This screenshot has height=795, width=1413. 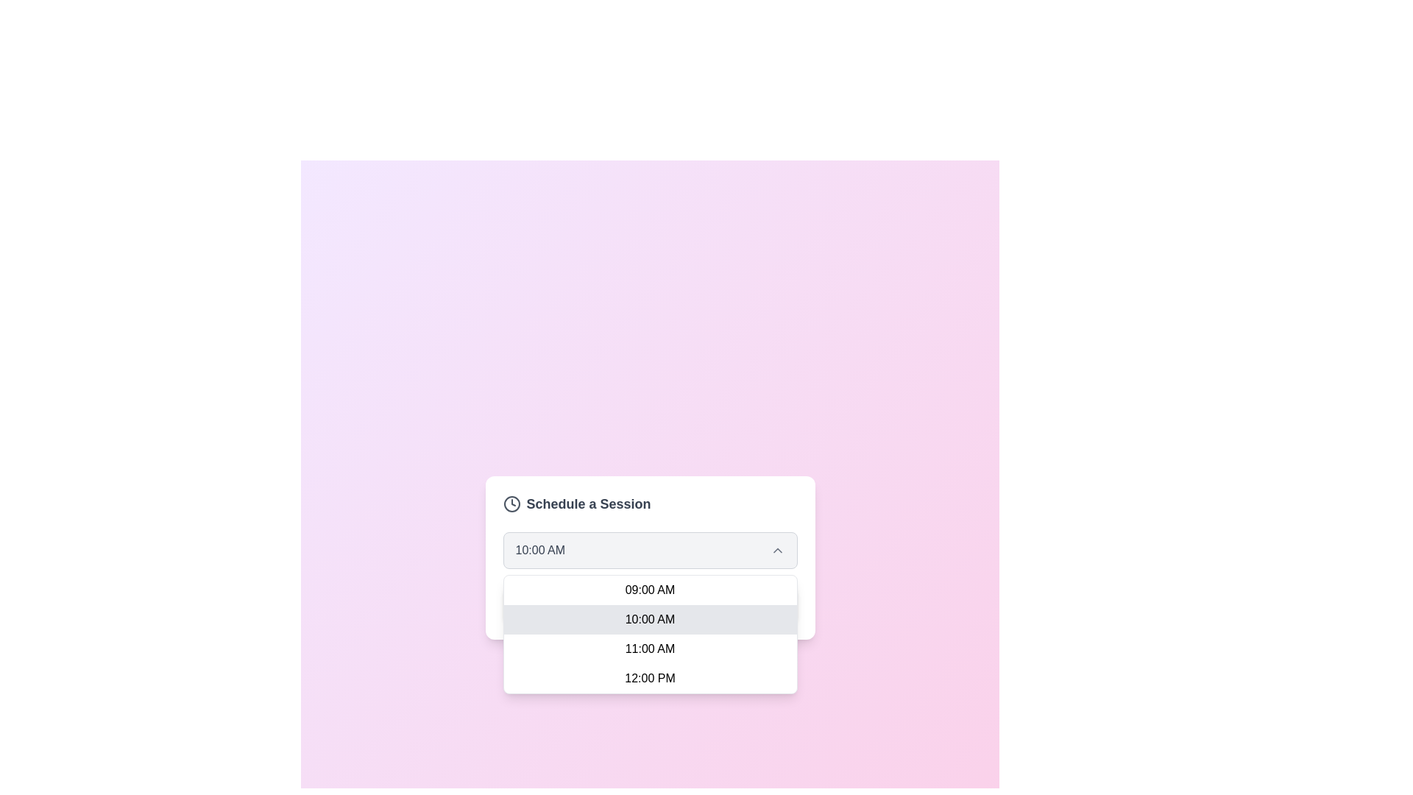 What do you see at coordinates (649, 590) in the screenshot?
I see `the first selectable time option in the dropdown menu to set the time to '09:00 AM'` at bounding box center [649, 590].